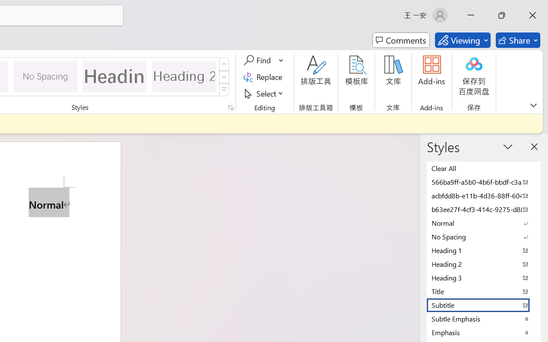 The height and width of the screenshot is (342, 548). I want to click on 'Emphasis', so click(484, 332).